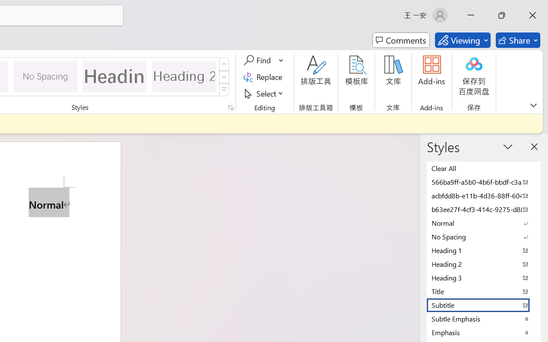 The height and width of the screenshot is (342, 548). I want to click on 'Emphasis', so click(484, 332).